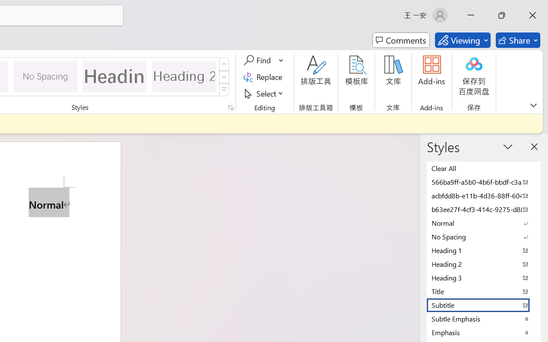 The height and width of the screenshot is (342, 548). I want to click on 'Emphasis', so click(484, 332).